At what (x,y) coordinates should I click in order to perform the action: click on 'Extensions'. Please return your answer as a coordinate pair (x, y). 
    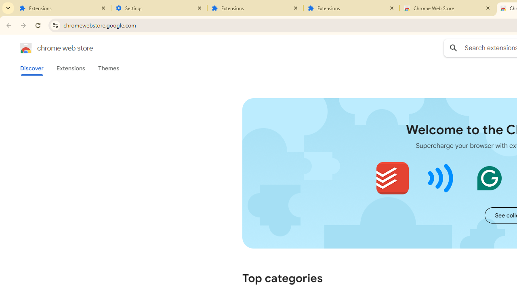
    Looking at the image, I should click on (70, 68).